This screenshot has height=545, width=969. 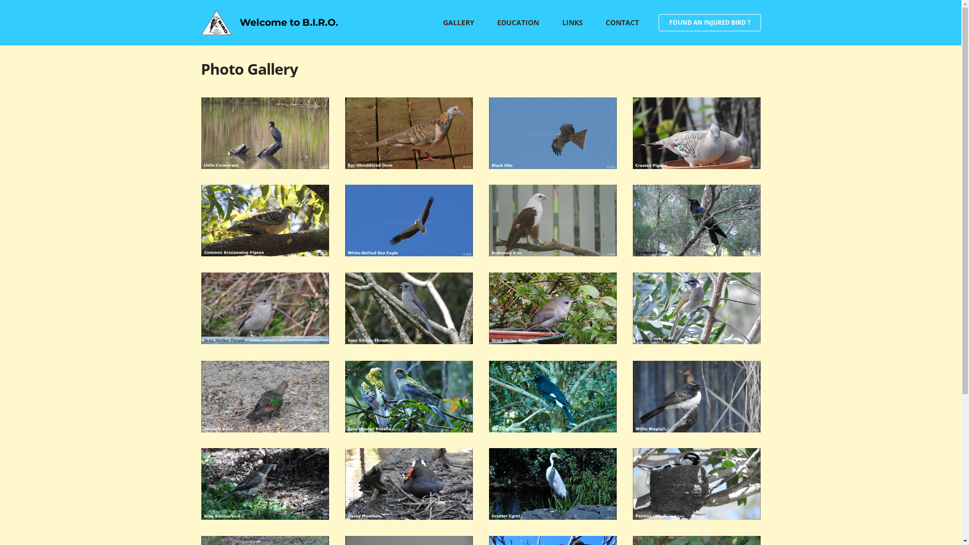 I want to click on 'BIRO Logo', so click(x=201, y=23).